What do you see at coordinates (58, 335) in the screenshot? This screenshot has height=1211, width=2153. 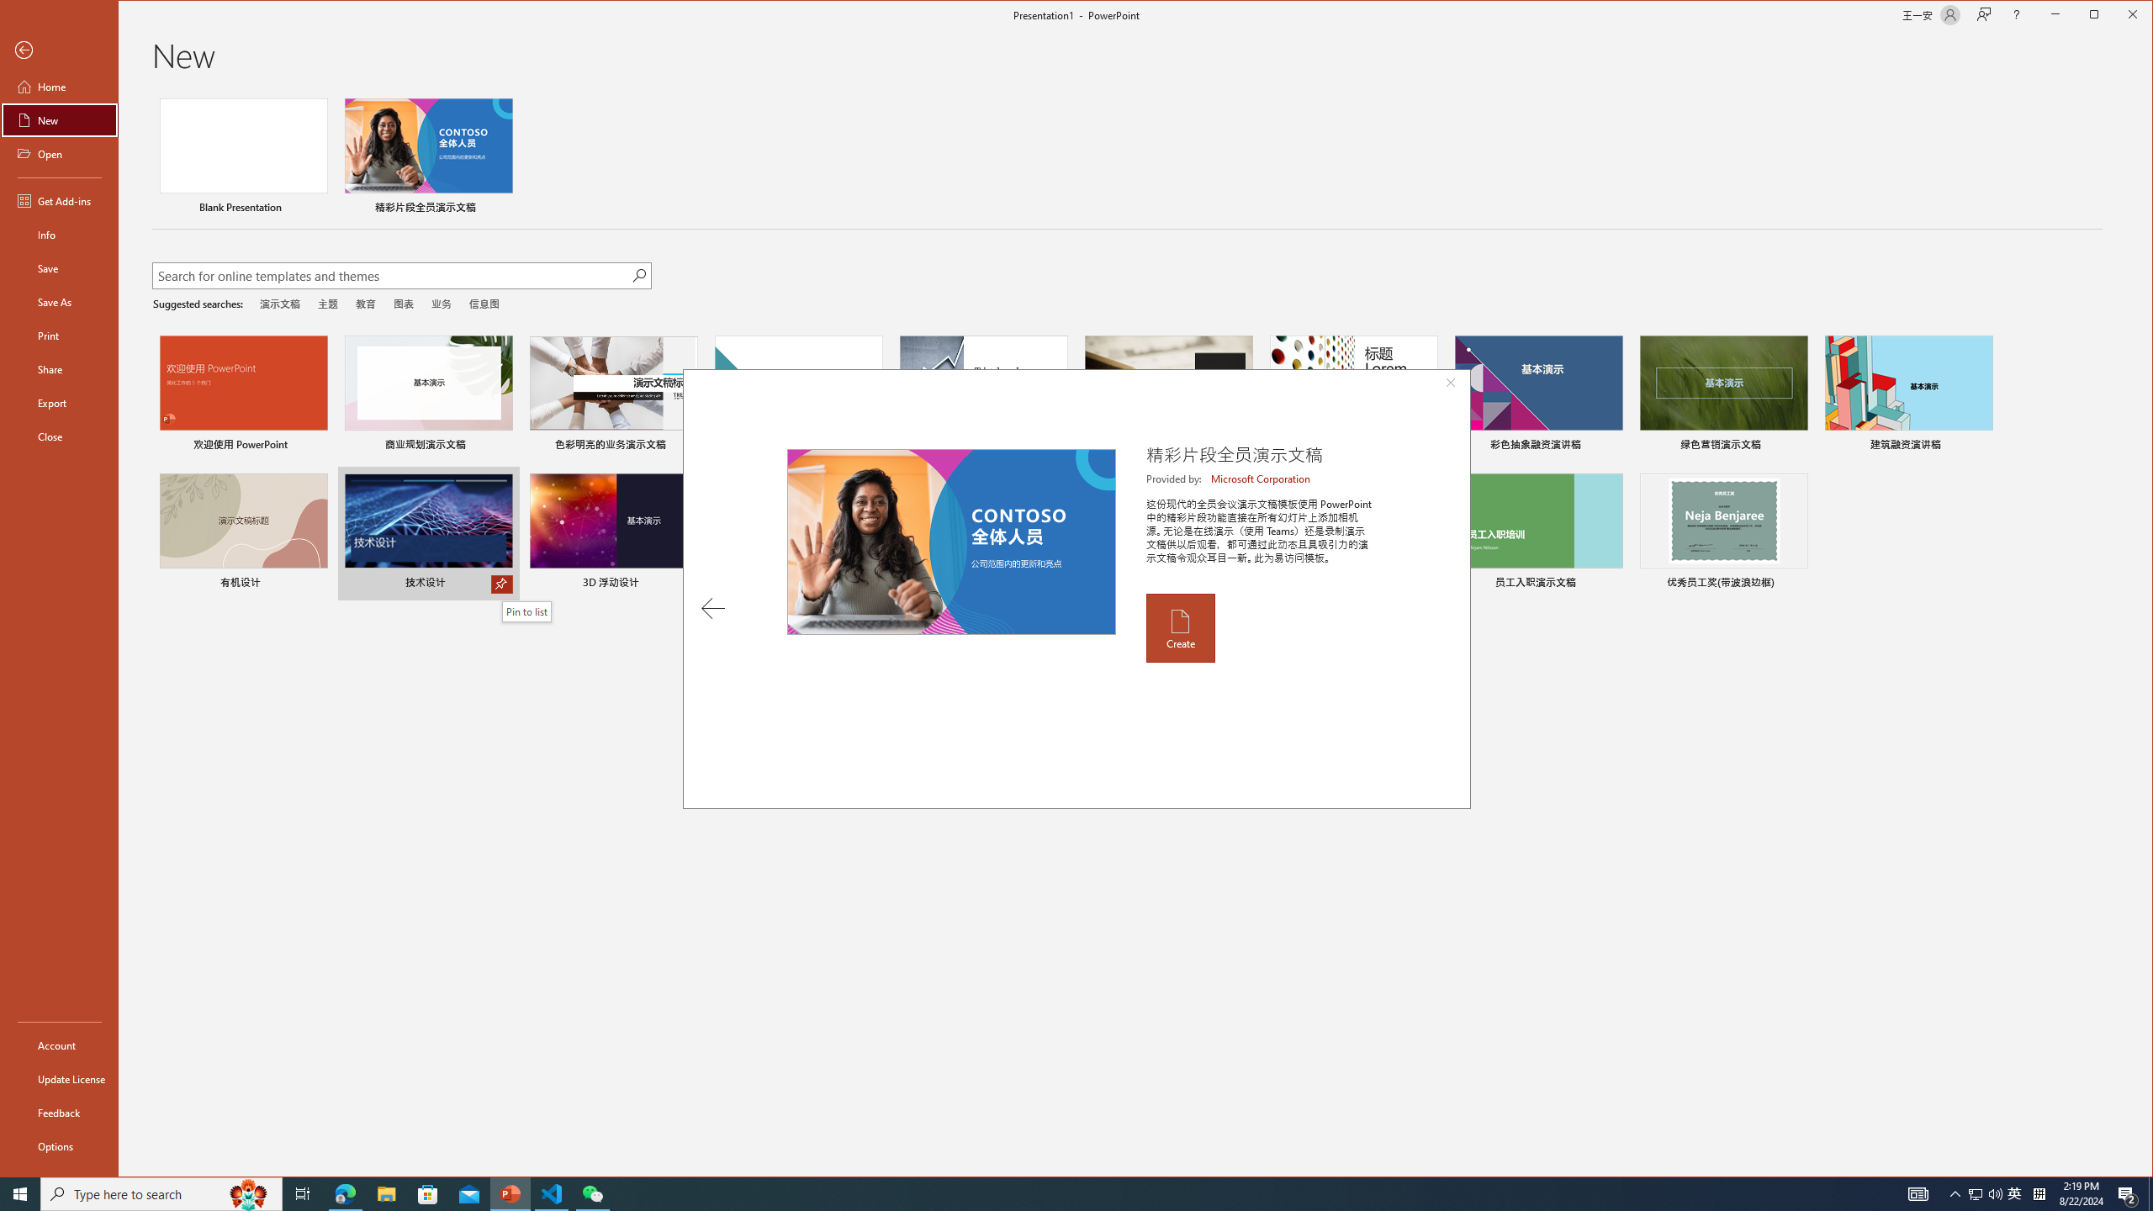 I see `'Print'` at bounding box center [58, 335].